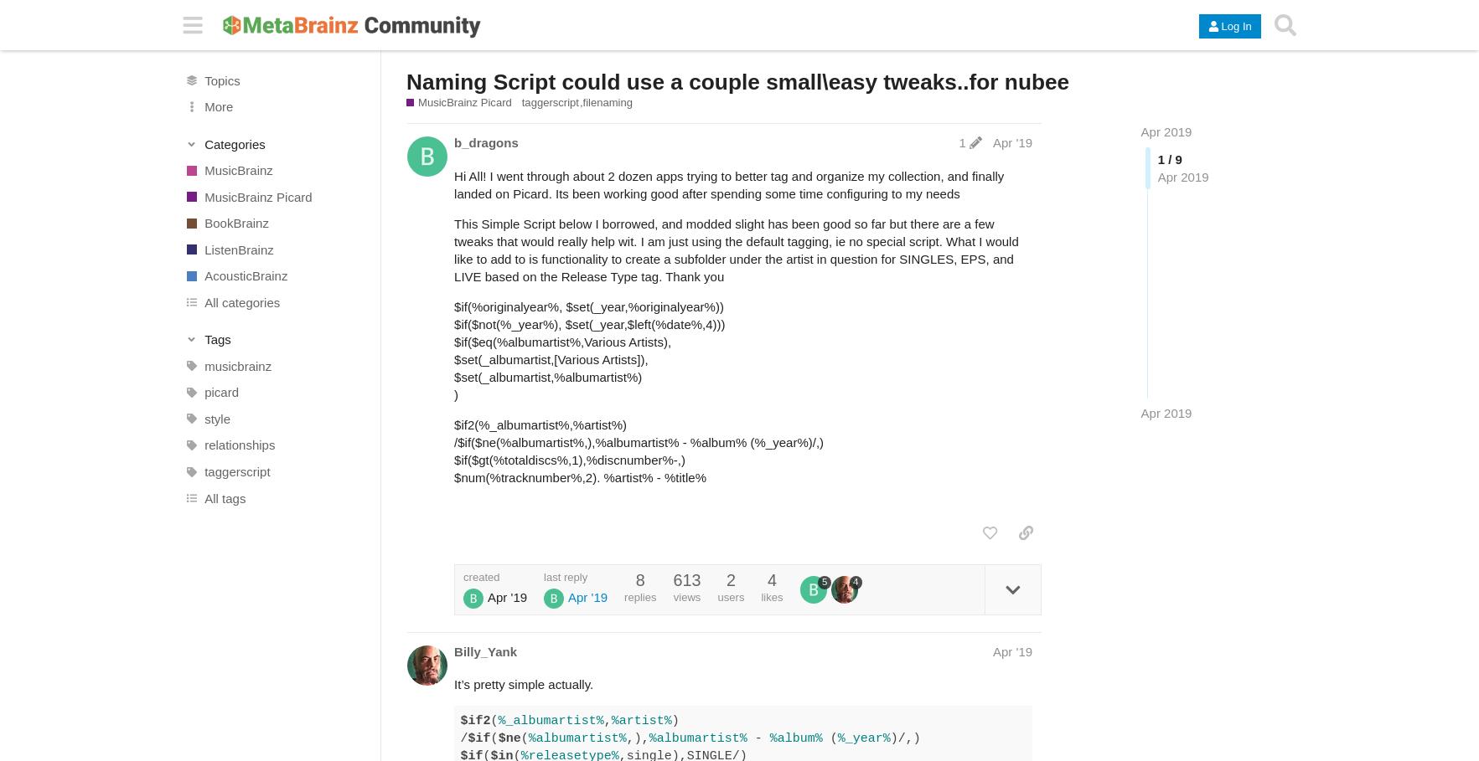  What do you see at coordinates (685, 596) in the screenshot?
I see `'views'` at bounding box center [685, 596].